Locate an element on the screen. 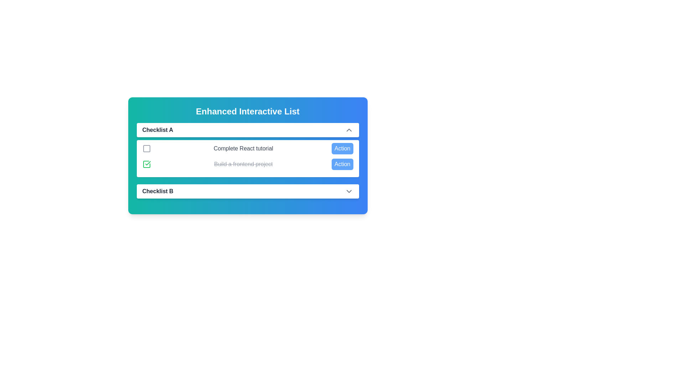 The width and height of the screenshot is (684, 385). the dropdown indicator icon located at the far right of the 'Checklist B' area next to the text 'Checklist B' is located at coordinates (349, 191).